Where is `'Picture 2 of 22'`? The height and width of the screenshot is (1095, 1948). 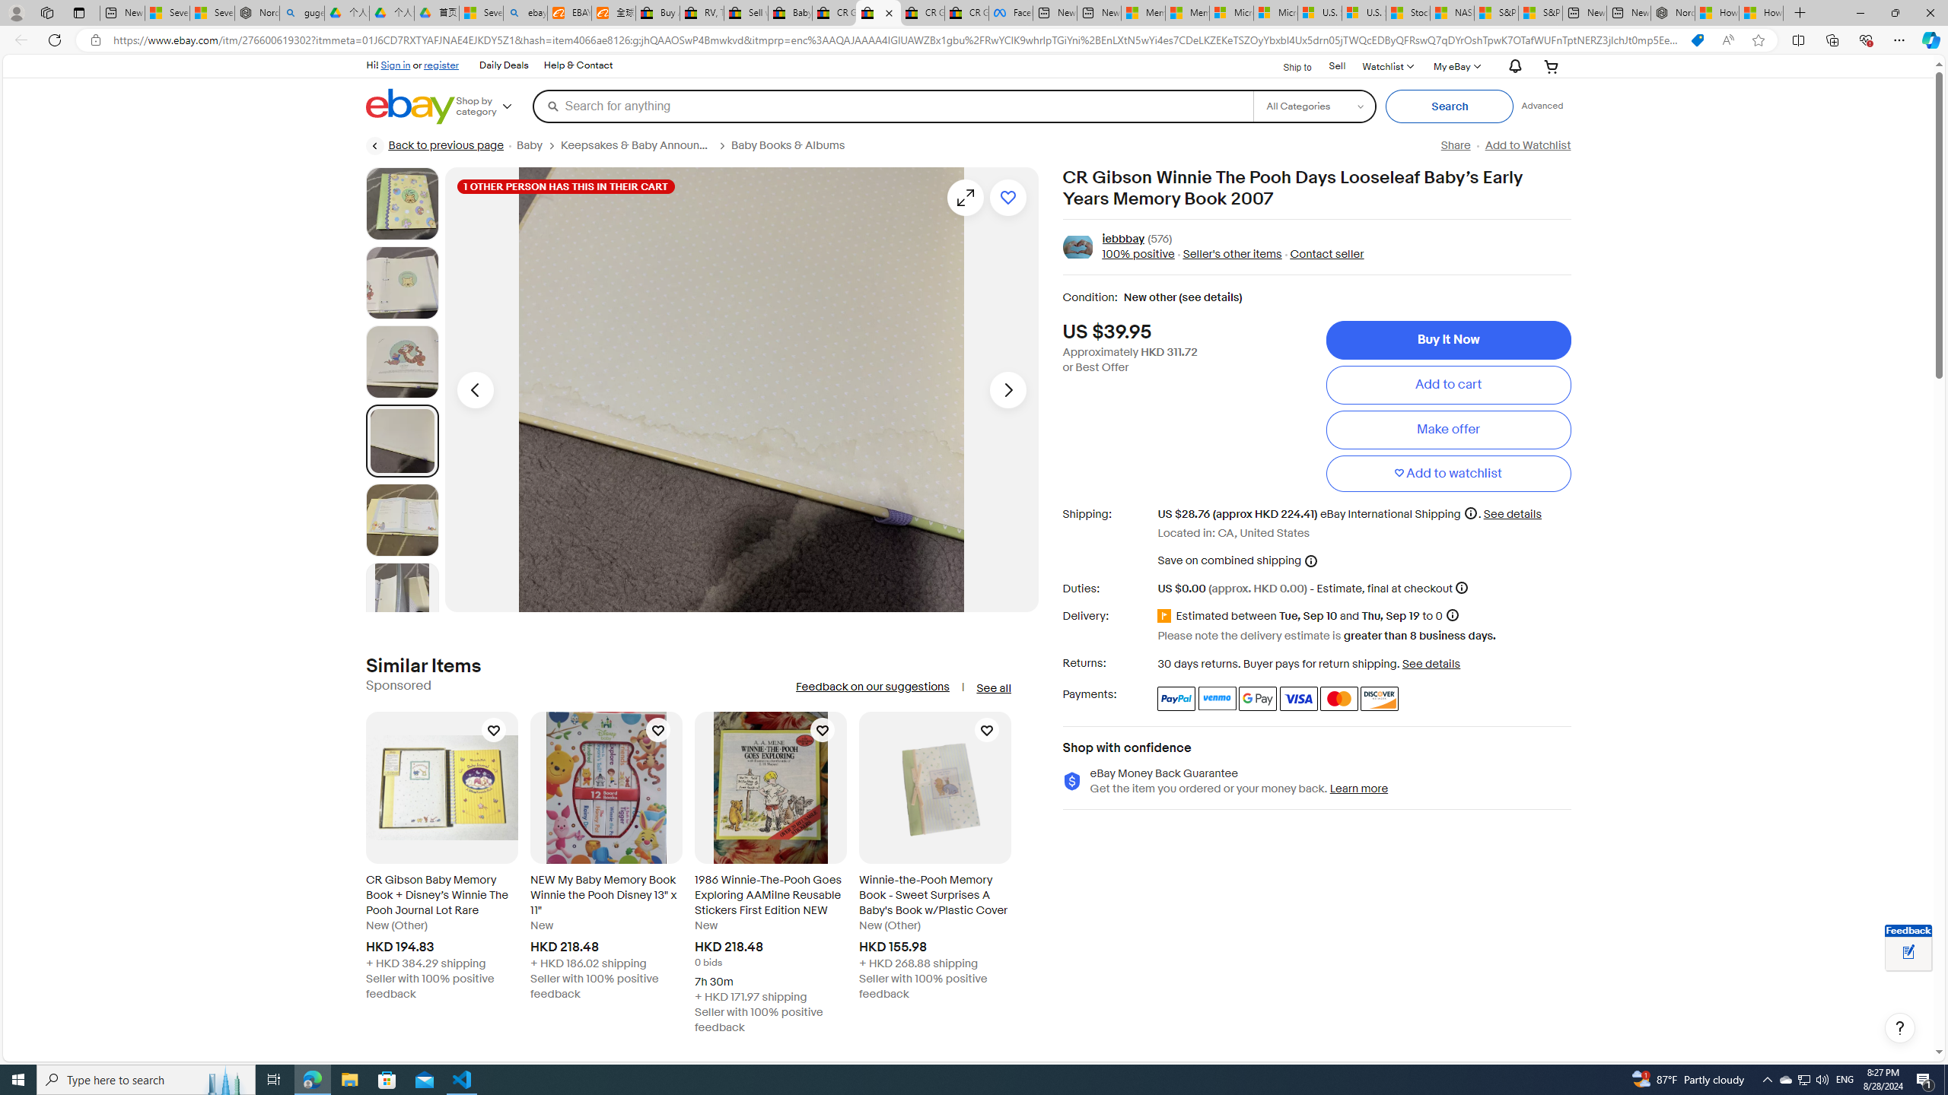 'Picture 2 of 22' is located at coordinates (401, 282).